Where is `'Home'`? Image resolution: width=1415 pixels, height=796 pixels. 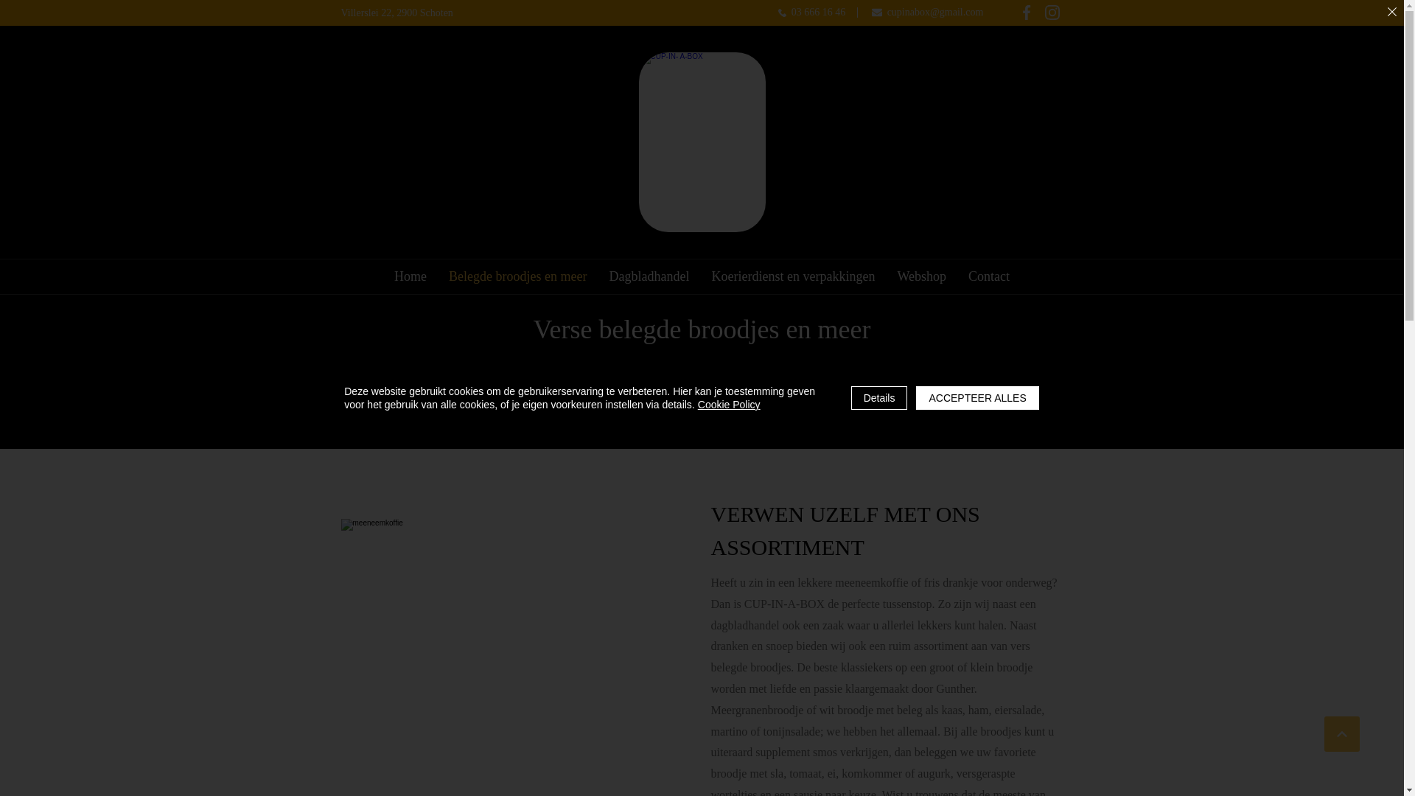 'Home' is located at coordinates (382, 276).